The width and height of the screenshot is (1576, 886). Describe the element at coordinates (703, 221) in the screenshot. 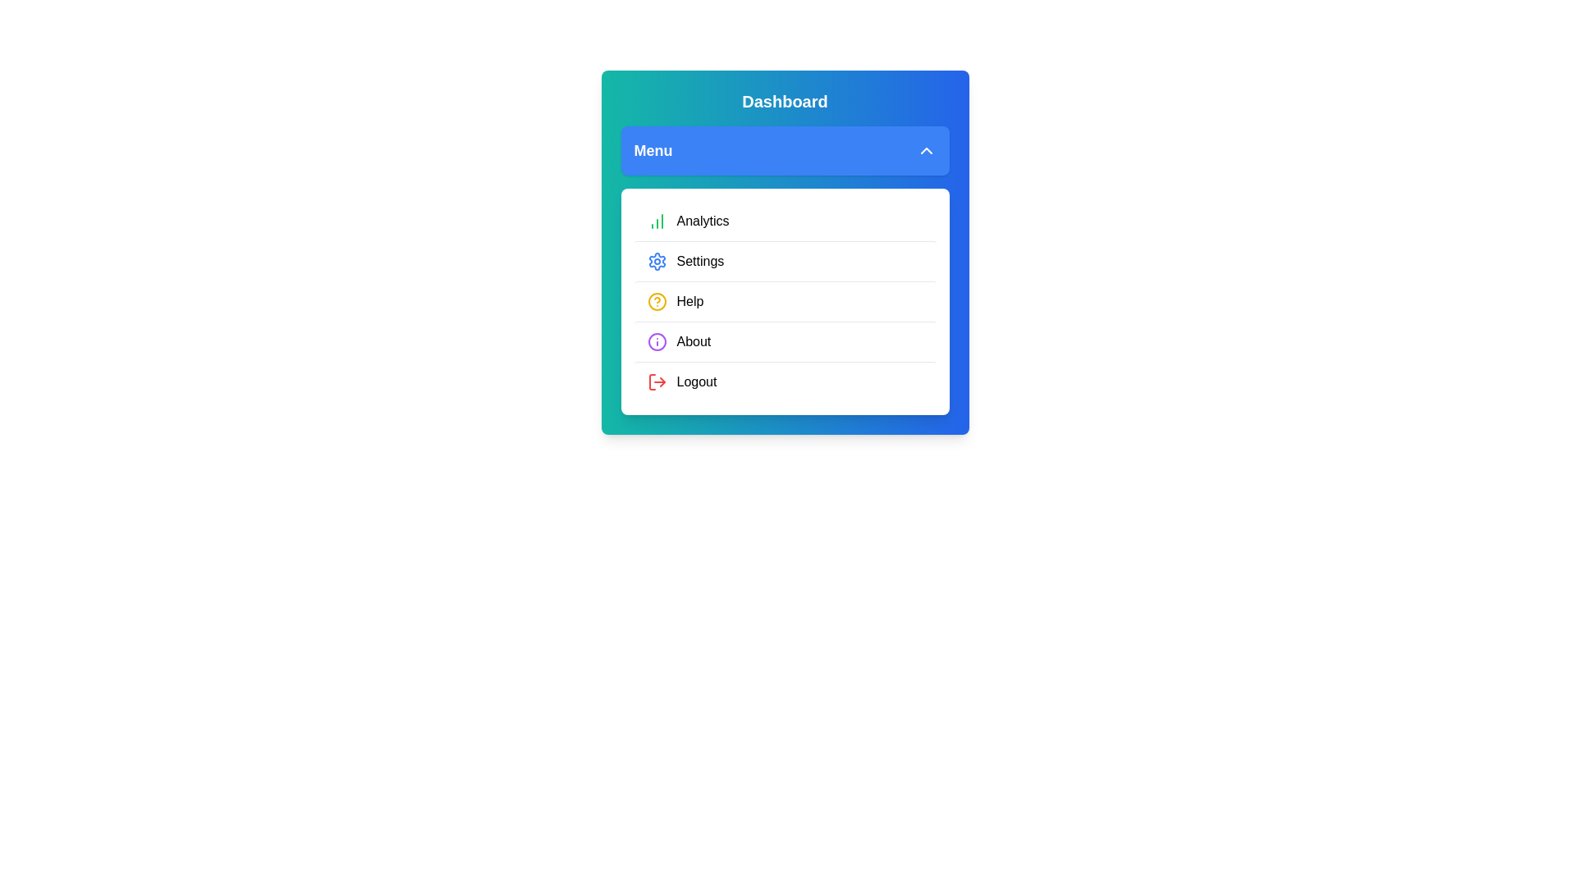

I see `the label text in the vertical menu list that leads to the analytics section, located next to the green chart icon` at that location.